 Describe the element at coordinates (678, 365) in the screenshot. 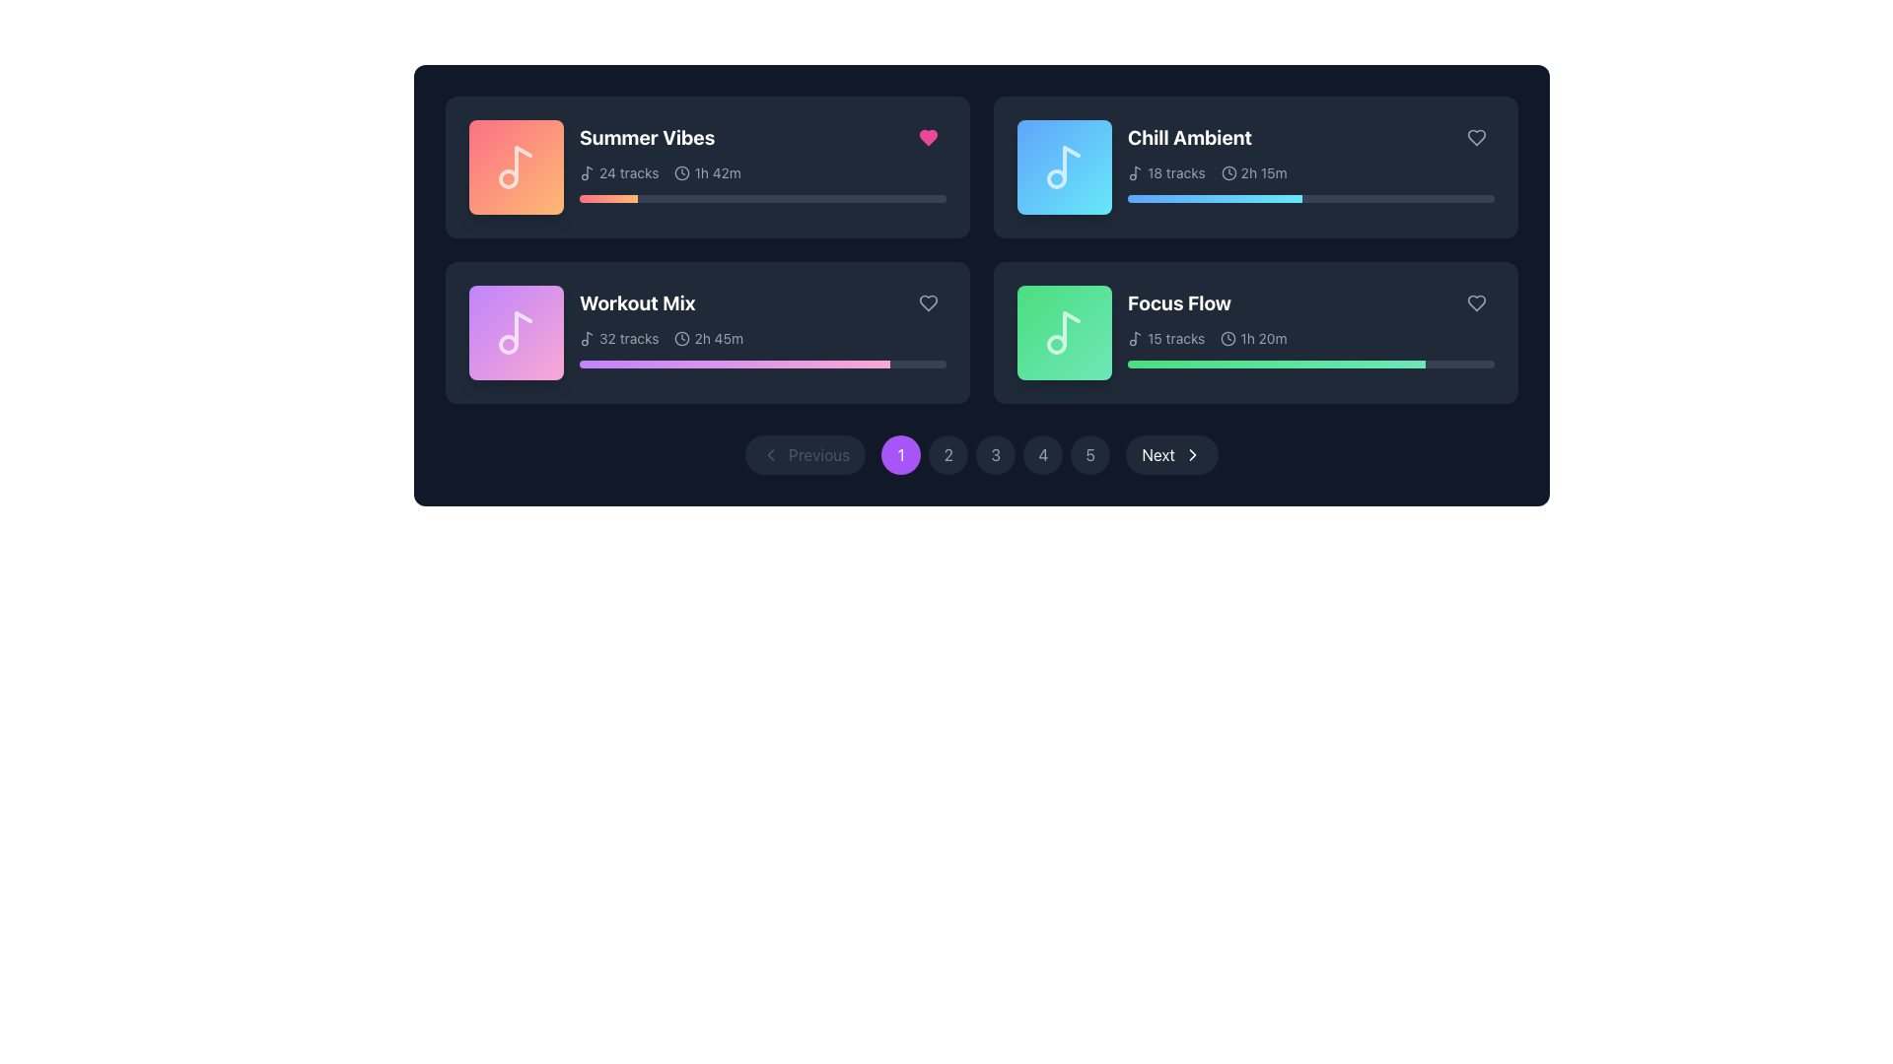

I see `progress` at that location.